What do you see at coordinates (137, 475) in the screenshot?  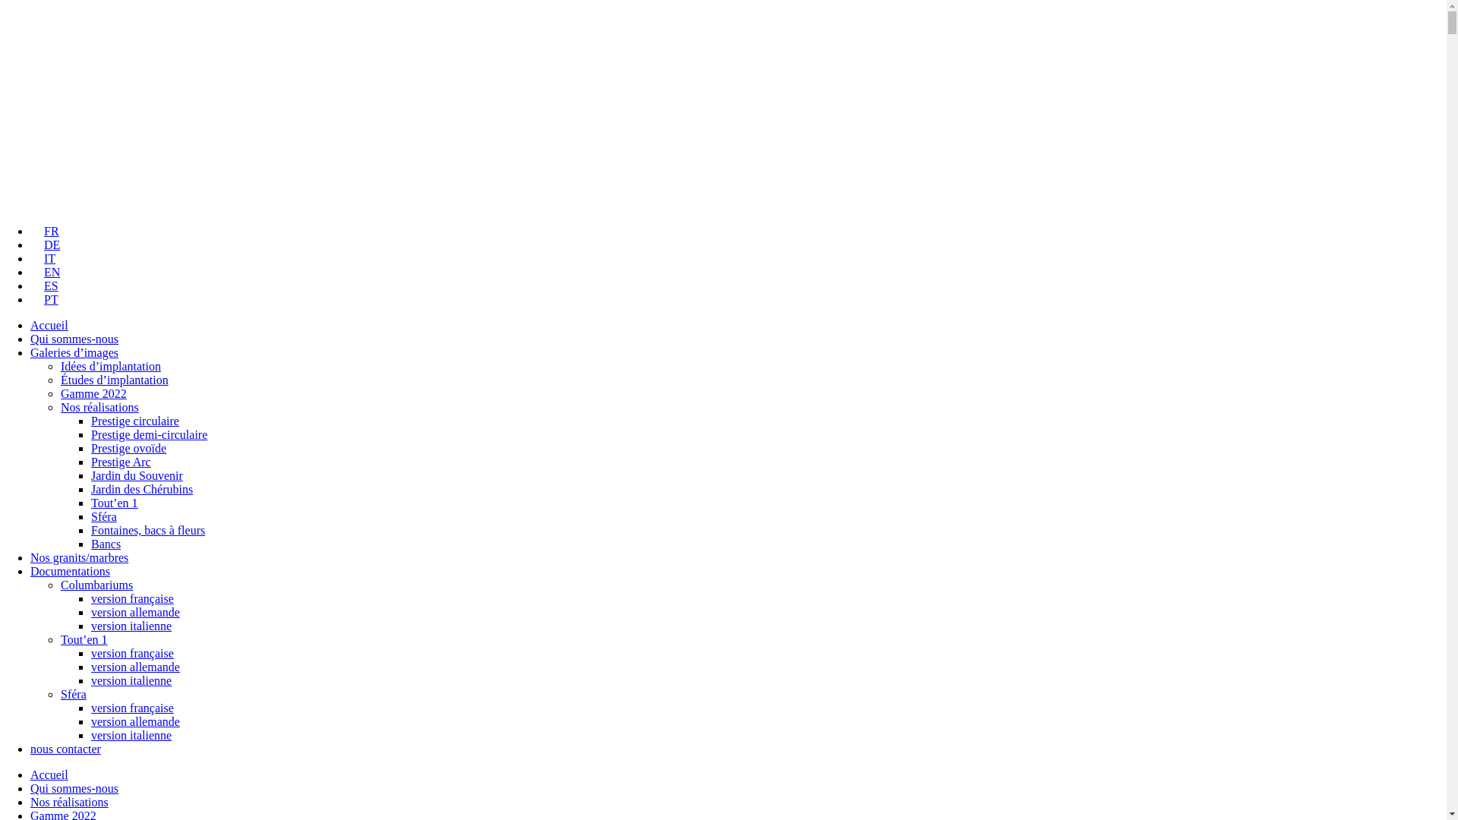 I see `'Jardin du Souvenir'` at bounding box center [137, 475].